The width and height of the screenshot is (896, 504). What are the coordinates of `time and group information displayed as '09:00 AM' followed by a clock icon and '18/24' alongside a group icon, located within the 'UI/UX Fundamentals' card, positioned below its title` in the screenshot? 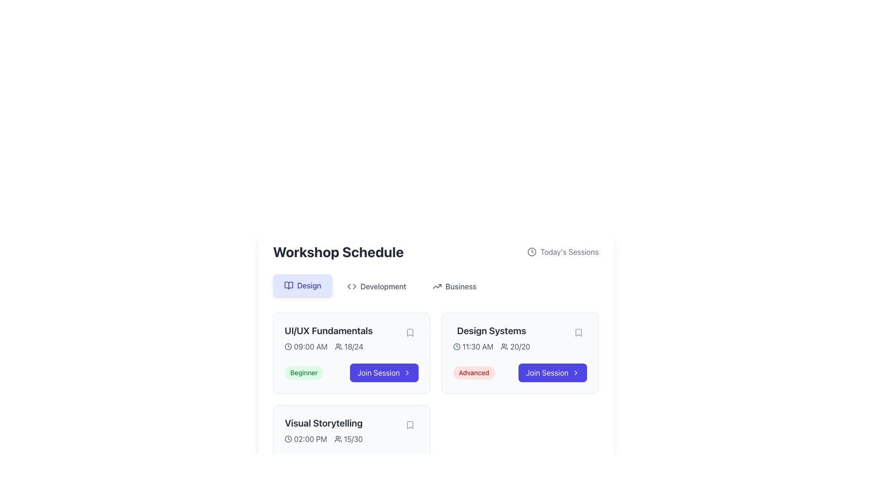 It's located at (329, 347).